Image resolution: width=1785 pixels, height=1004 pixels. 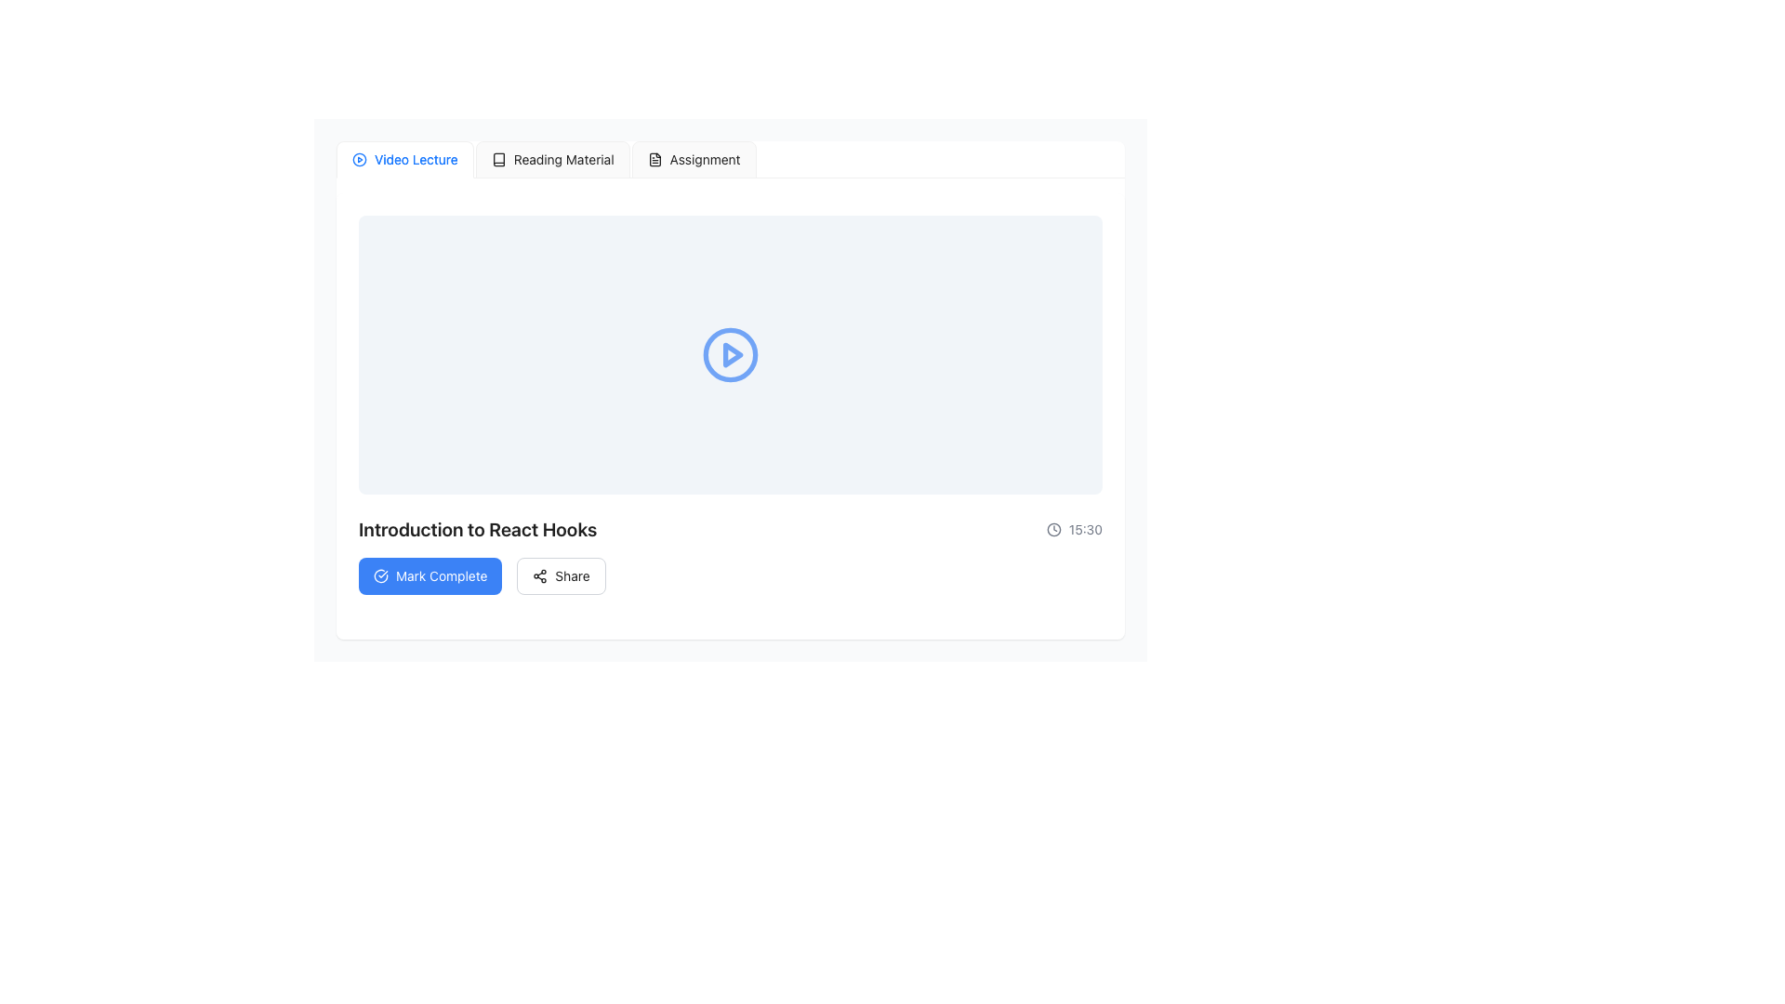 What do you see at coordinates (1085, 530) in the screenshot?
I see `the Timestamp label displaying '15:30' in gray color at the bottom-right corner of the video lecture content` at bounding box center [1085, 530].